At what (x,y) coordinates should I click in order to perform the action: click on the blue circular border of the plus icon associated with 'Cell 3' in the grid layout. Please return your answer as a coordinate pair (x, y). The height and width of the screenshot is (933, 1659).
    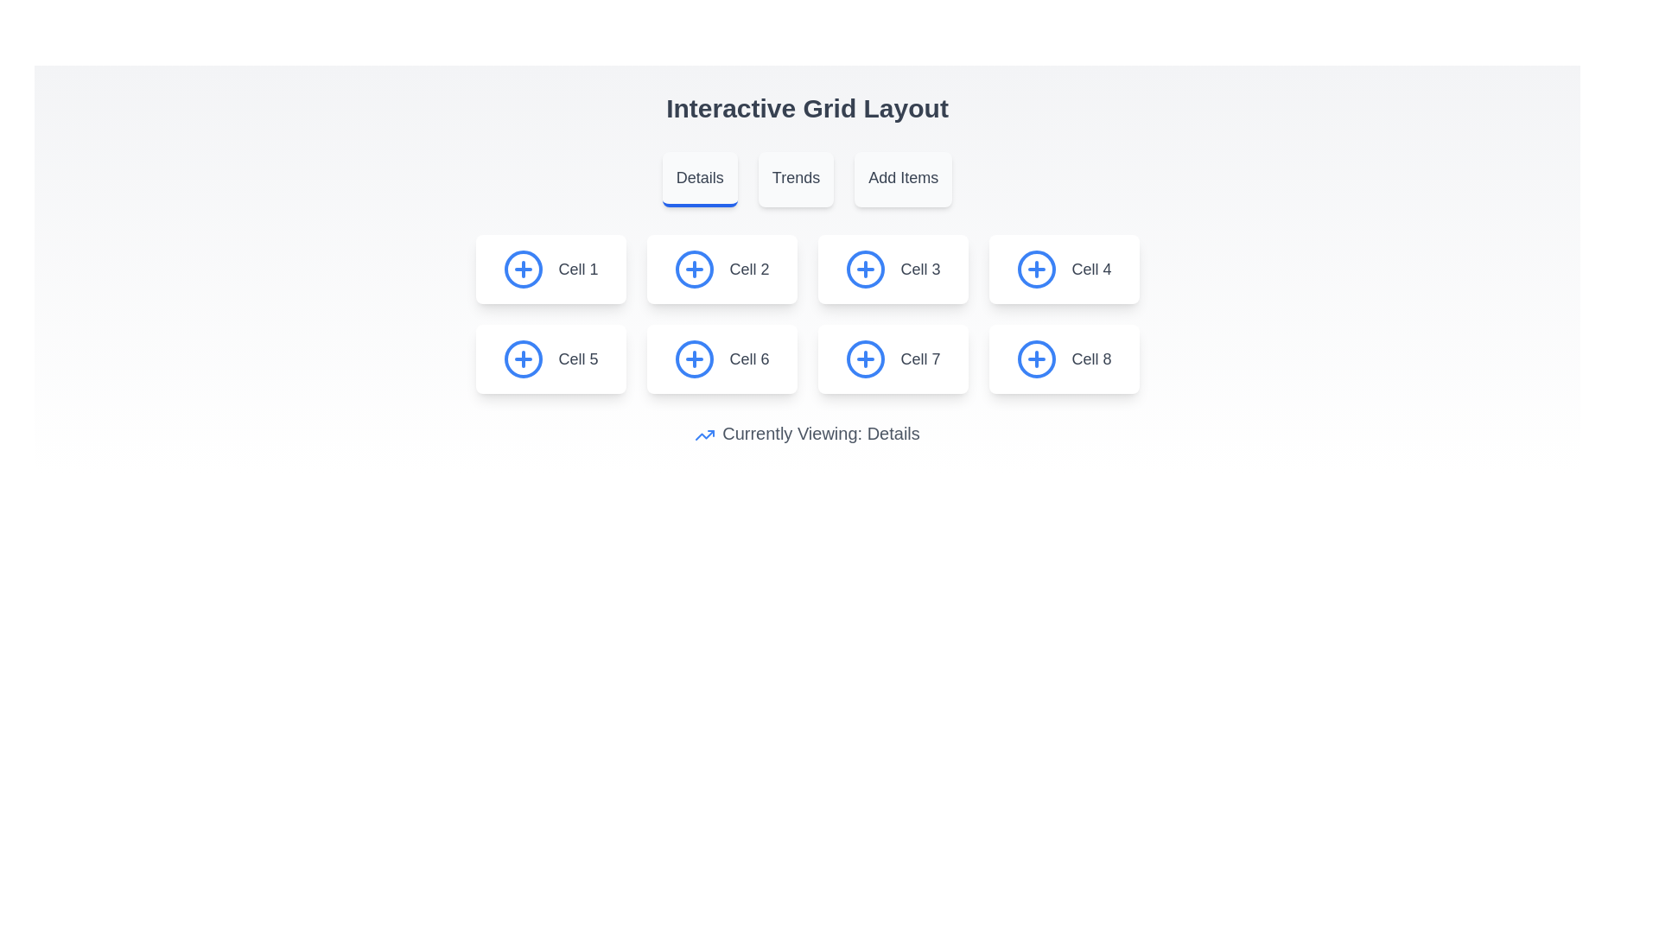
    Looking at the image, I should click on (866, 270).